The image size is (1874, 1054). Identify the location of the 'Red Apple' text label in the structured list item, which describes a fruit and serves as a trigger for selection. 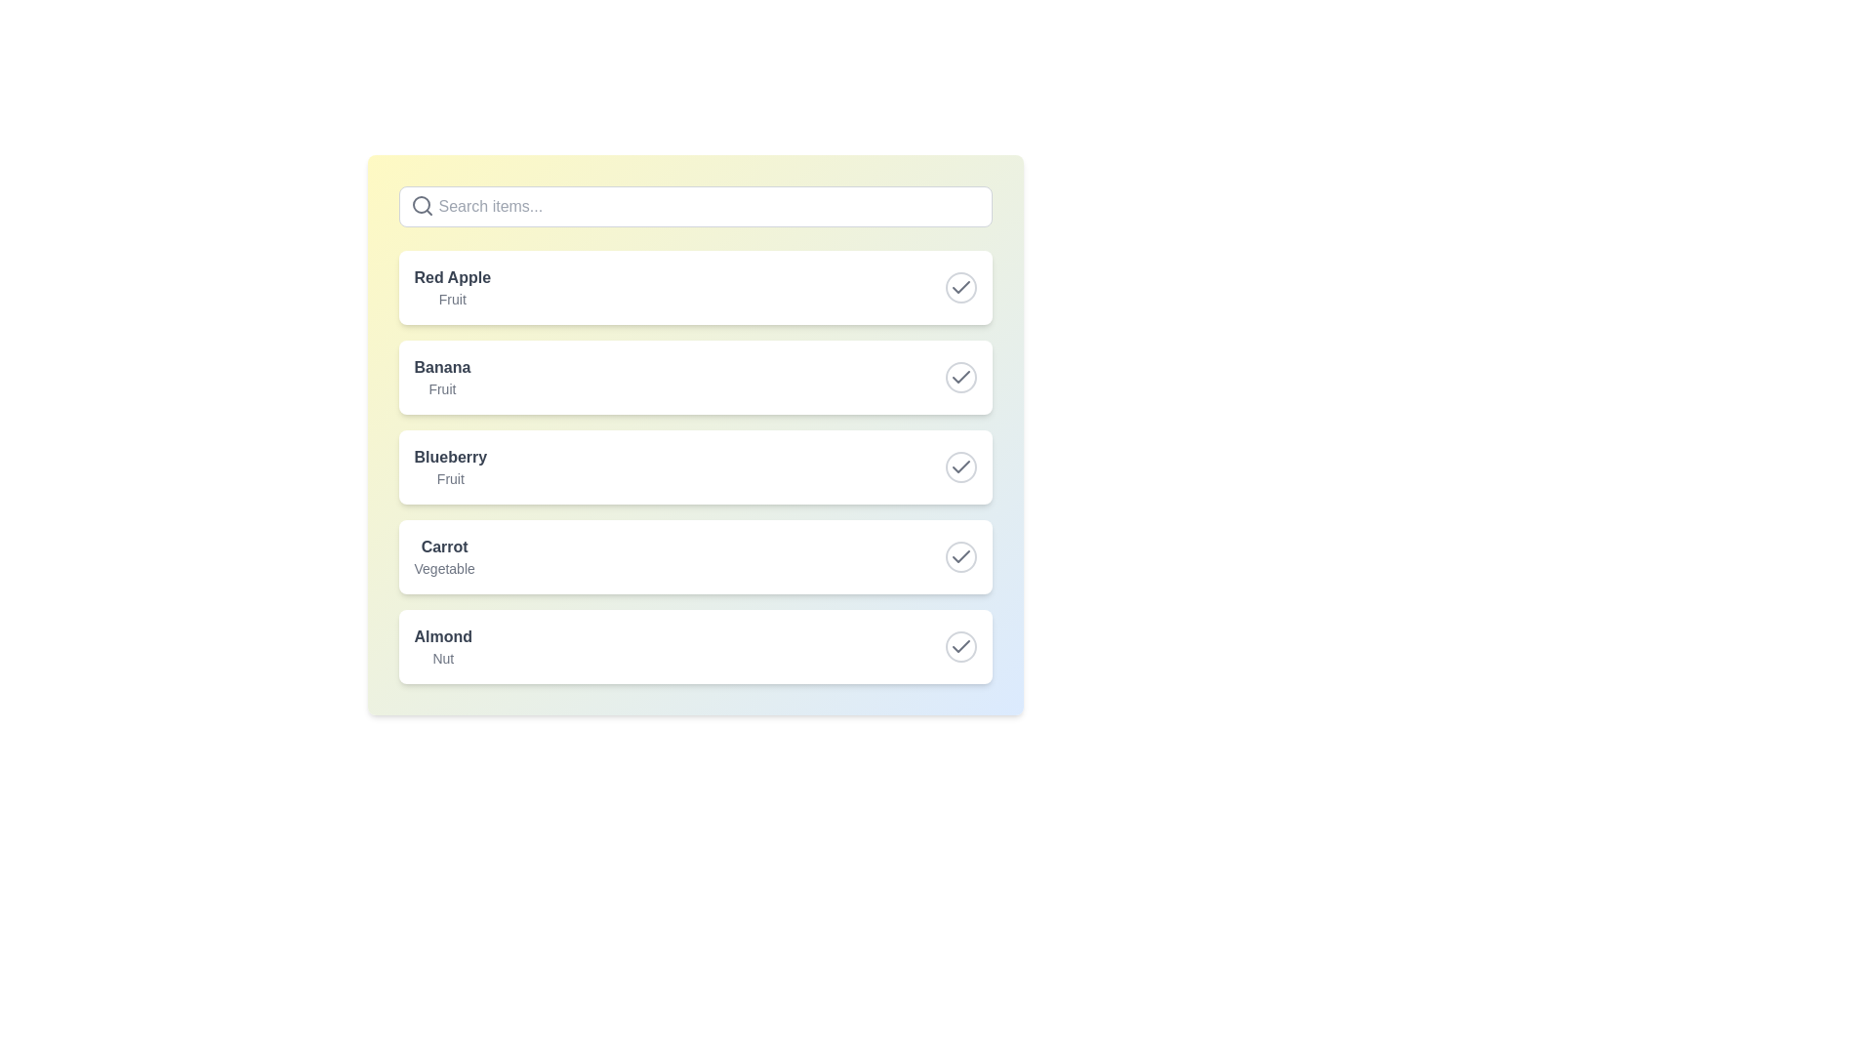
(451, 287).